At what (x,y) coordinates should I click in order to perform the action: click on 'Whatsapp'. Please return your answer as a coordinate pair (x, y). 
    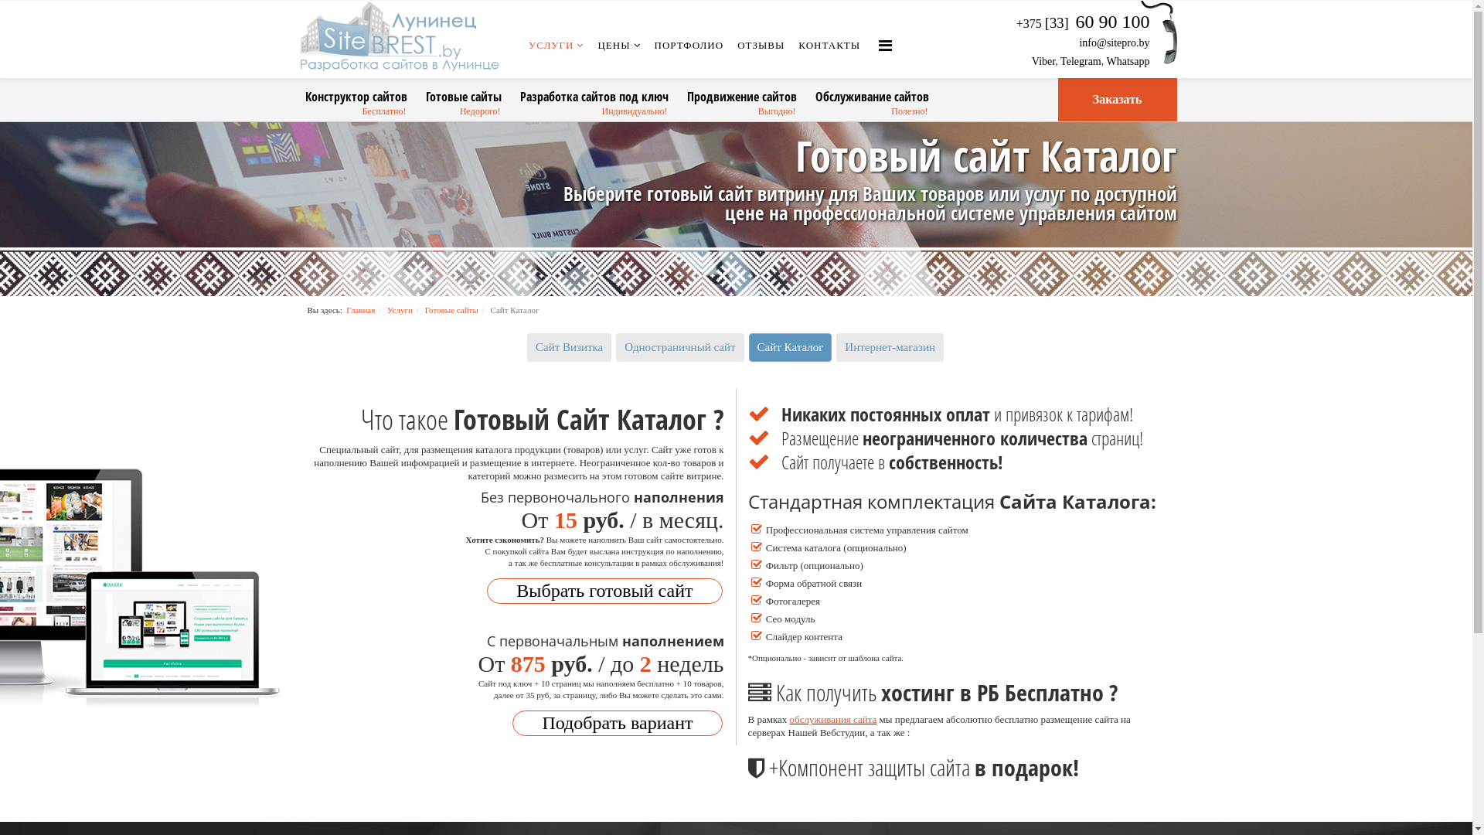
    Looking at the image, I should click on (1128, 60).